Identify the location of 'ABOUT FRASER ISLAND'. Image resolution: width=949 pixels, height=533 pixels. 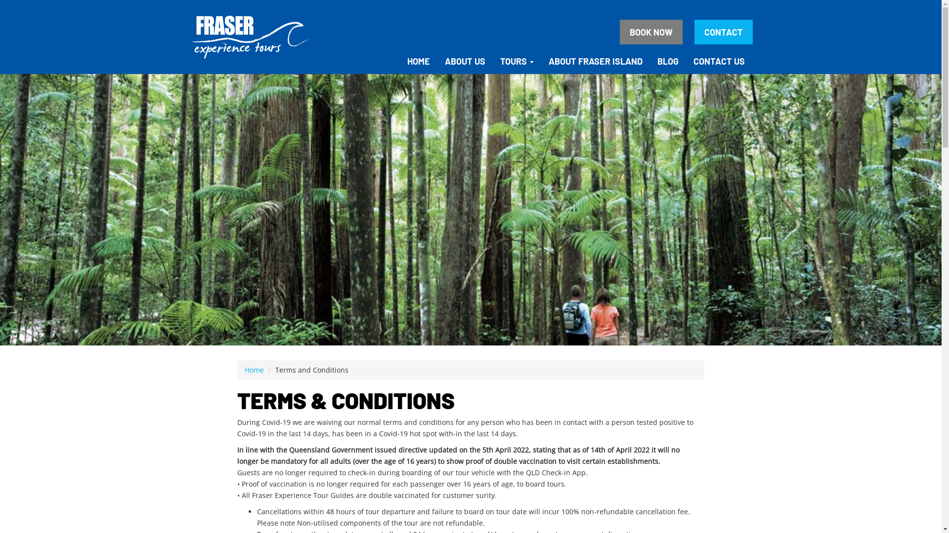
(540, 61).